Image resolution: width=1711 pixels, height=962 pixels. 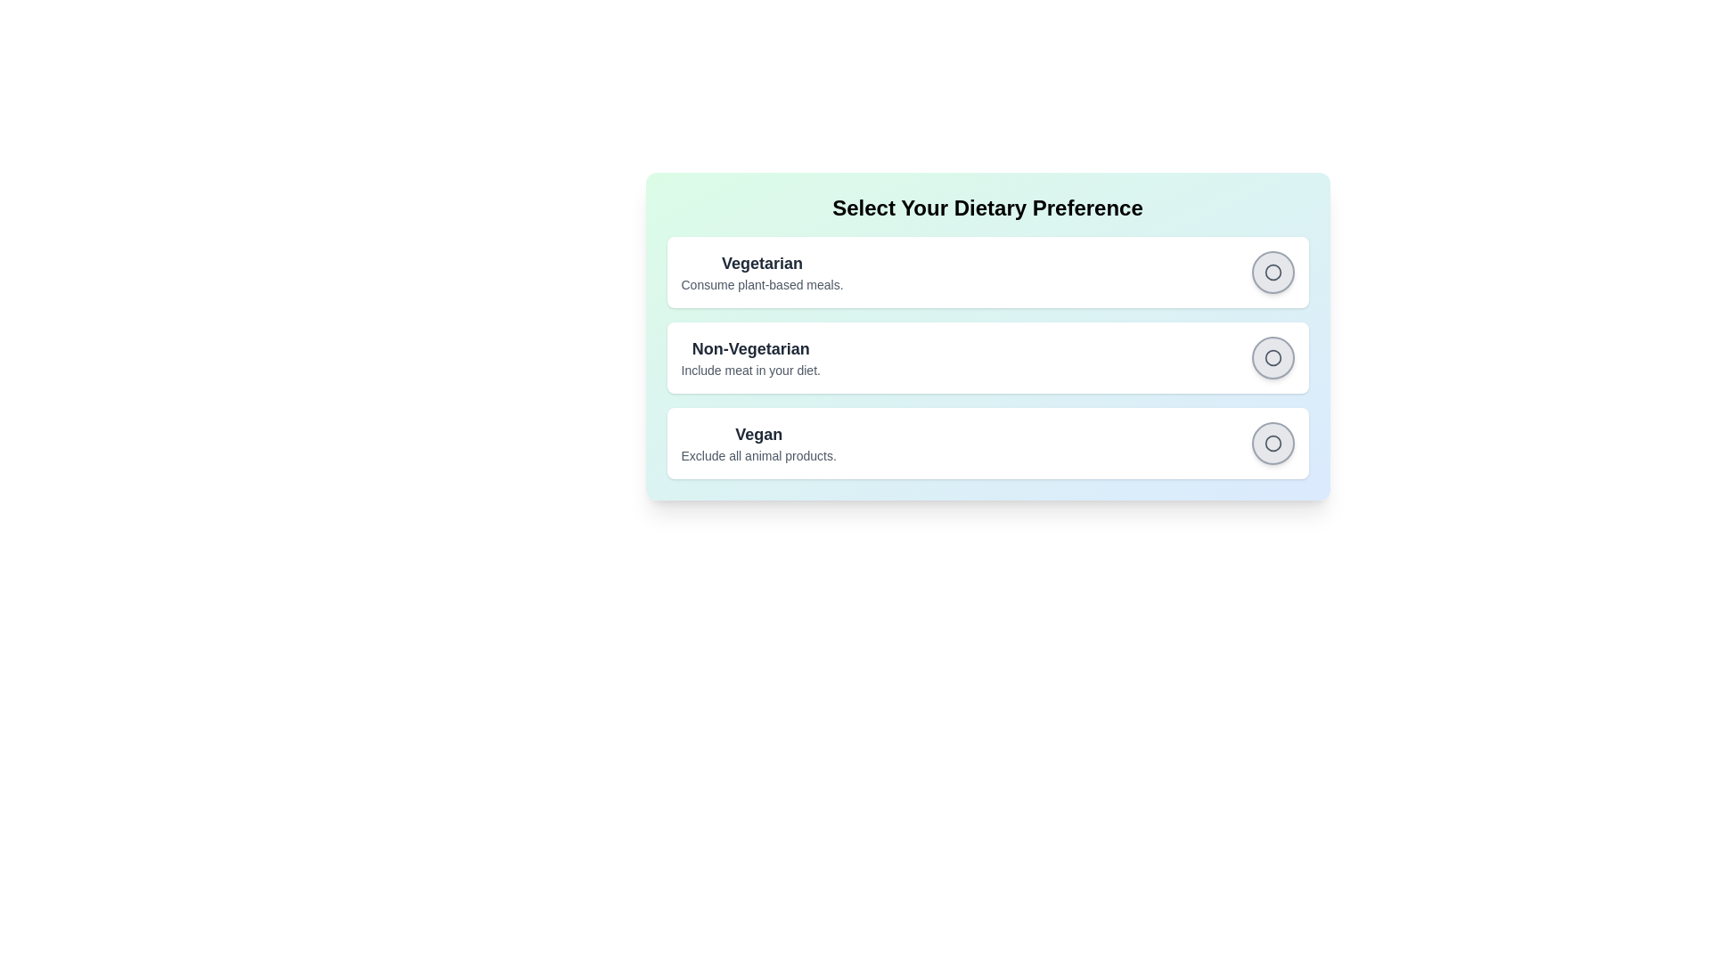 I want to click on the circular radio button with a central red fill for the 'Vegan' dietary preference option, so click(x=1272, y=442).